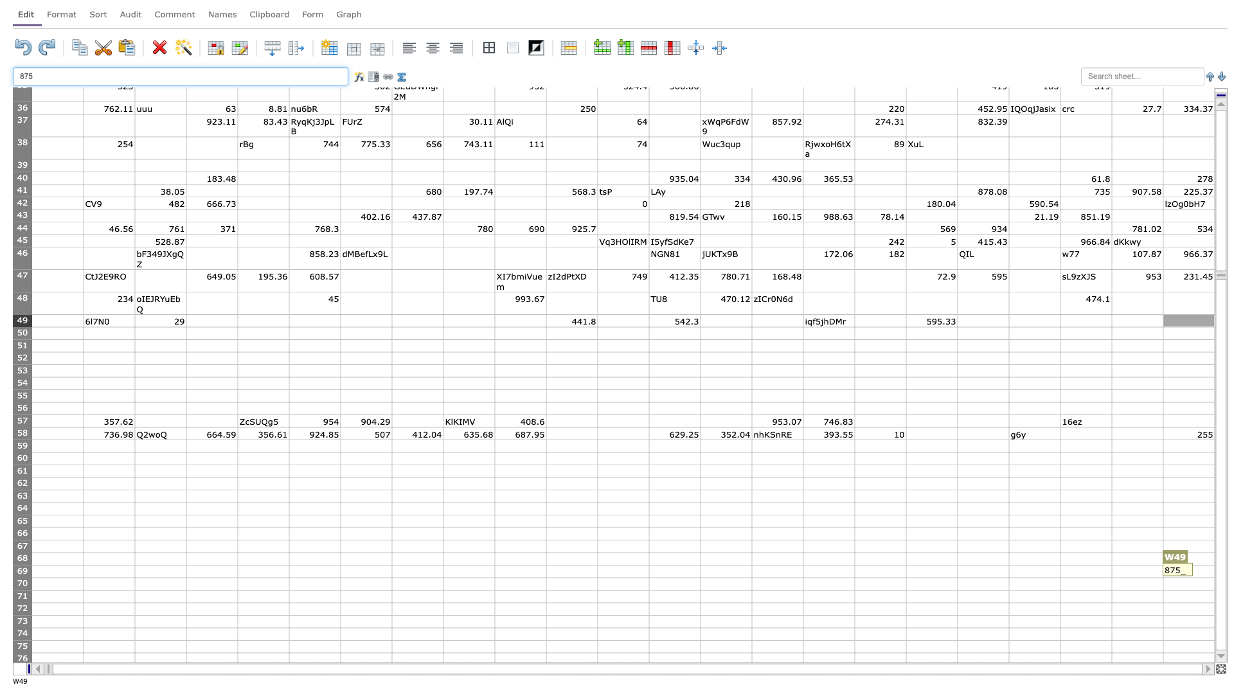 This screenshot has width=1234, height=694. Describe the element at coordinates (185, 590) in the screenshot. I see `bottom right corner of cell C70` at that location.